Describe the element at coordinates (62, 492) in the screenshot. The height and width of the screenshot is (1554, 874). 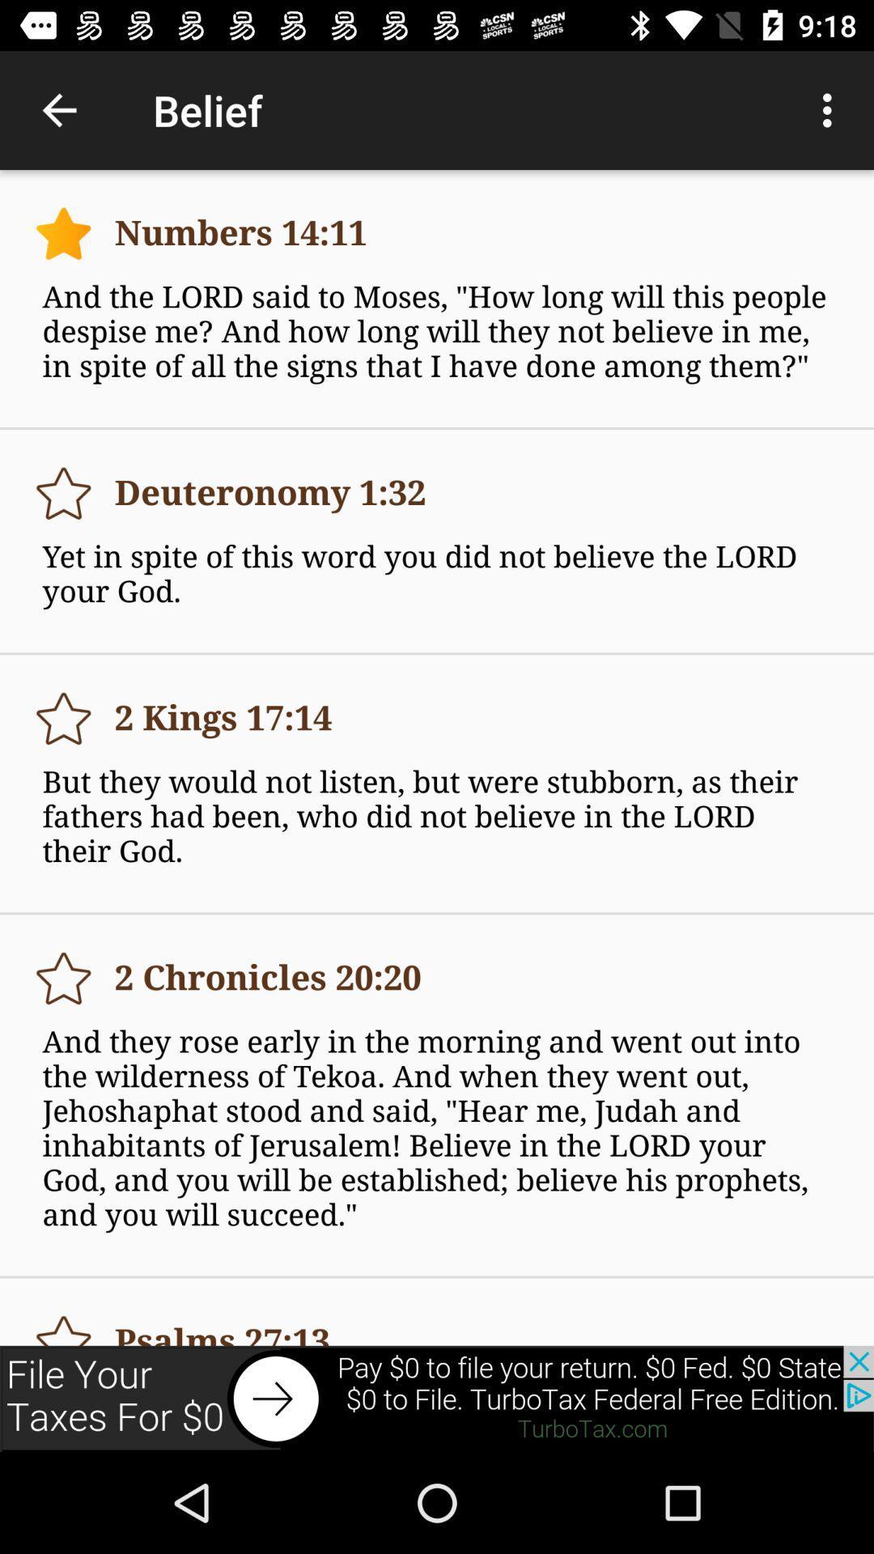
I see `the 2nd star icon on the top left side of the web page` at that location.